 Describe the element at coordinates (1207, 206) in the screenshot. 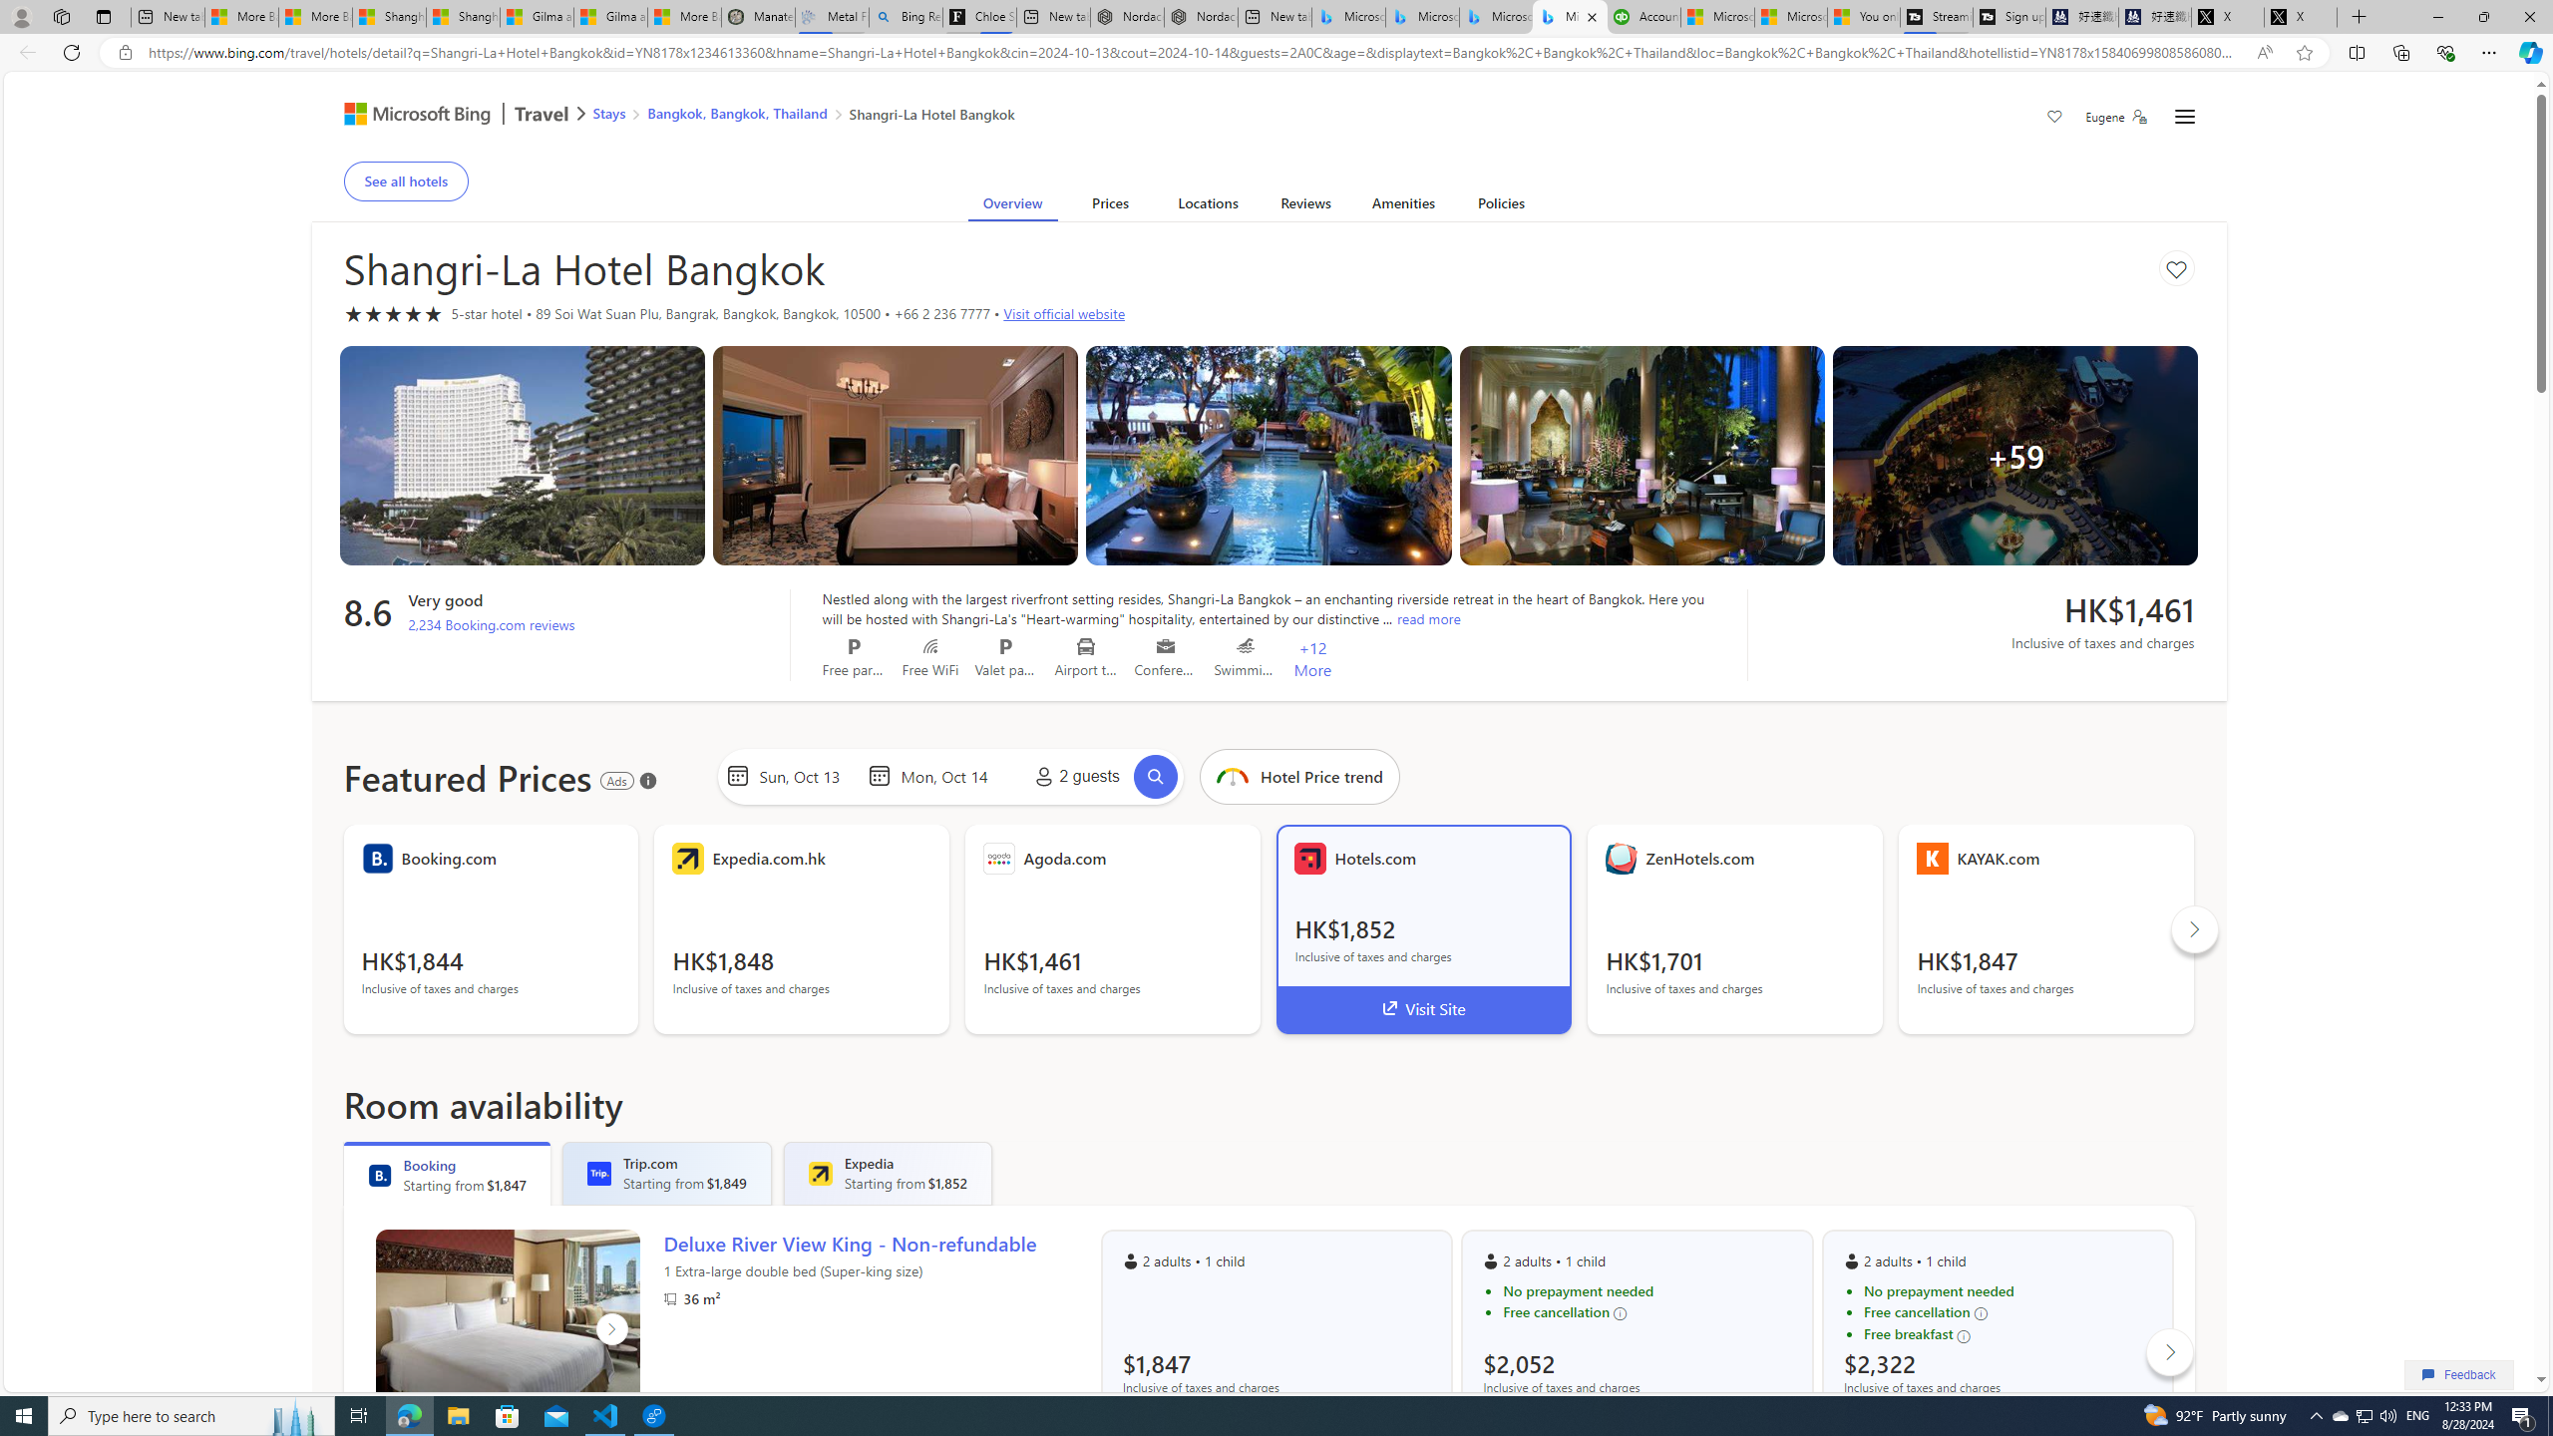

I see `'Locations'` at that location.